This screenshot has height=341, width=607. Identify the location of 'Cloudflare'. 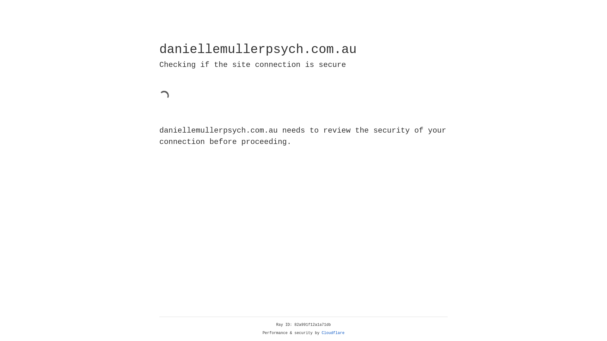
(333, 333).